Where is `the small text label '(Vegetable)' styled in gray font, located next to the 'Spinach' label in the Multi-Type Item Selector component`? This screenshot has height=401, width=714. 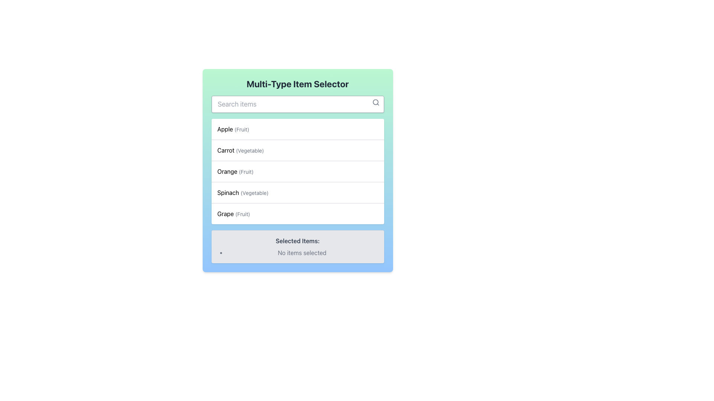
the small text label '(Vegetable)' styled in gray font, located next to the 'Spinach' label in the Multi-Type Item Selector component is located at coordinates (254, 192).